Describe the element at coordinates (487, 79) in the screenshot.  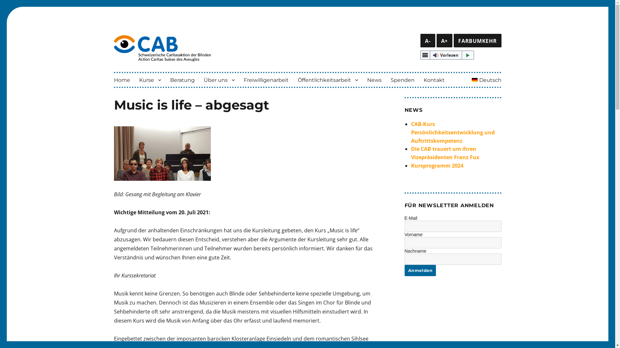
I see `'Deutsch'` at that location.